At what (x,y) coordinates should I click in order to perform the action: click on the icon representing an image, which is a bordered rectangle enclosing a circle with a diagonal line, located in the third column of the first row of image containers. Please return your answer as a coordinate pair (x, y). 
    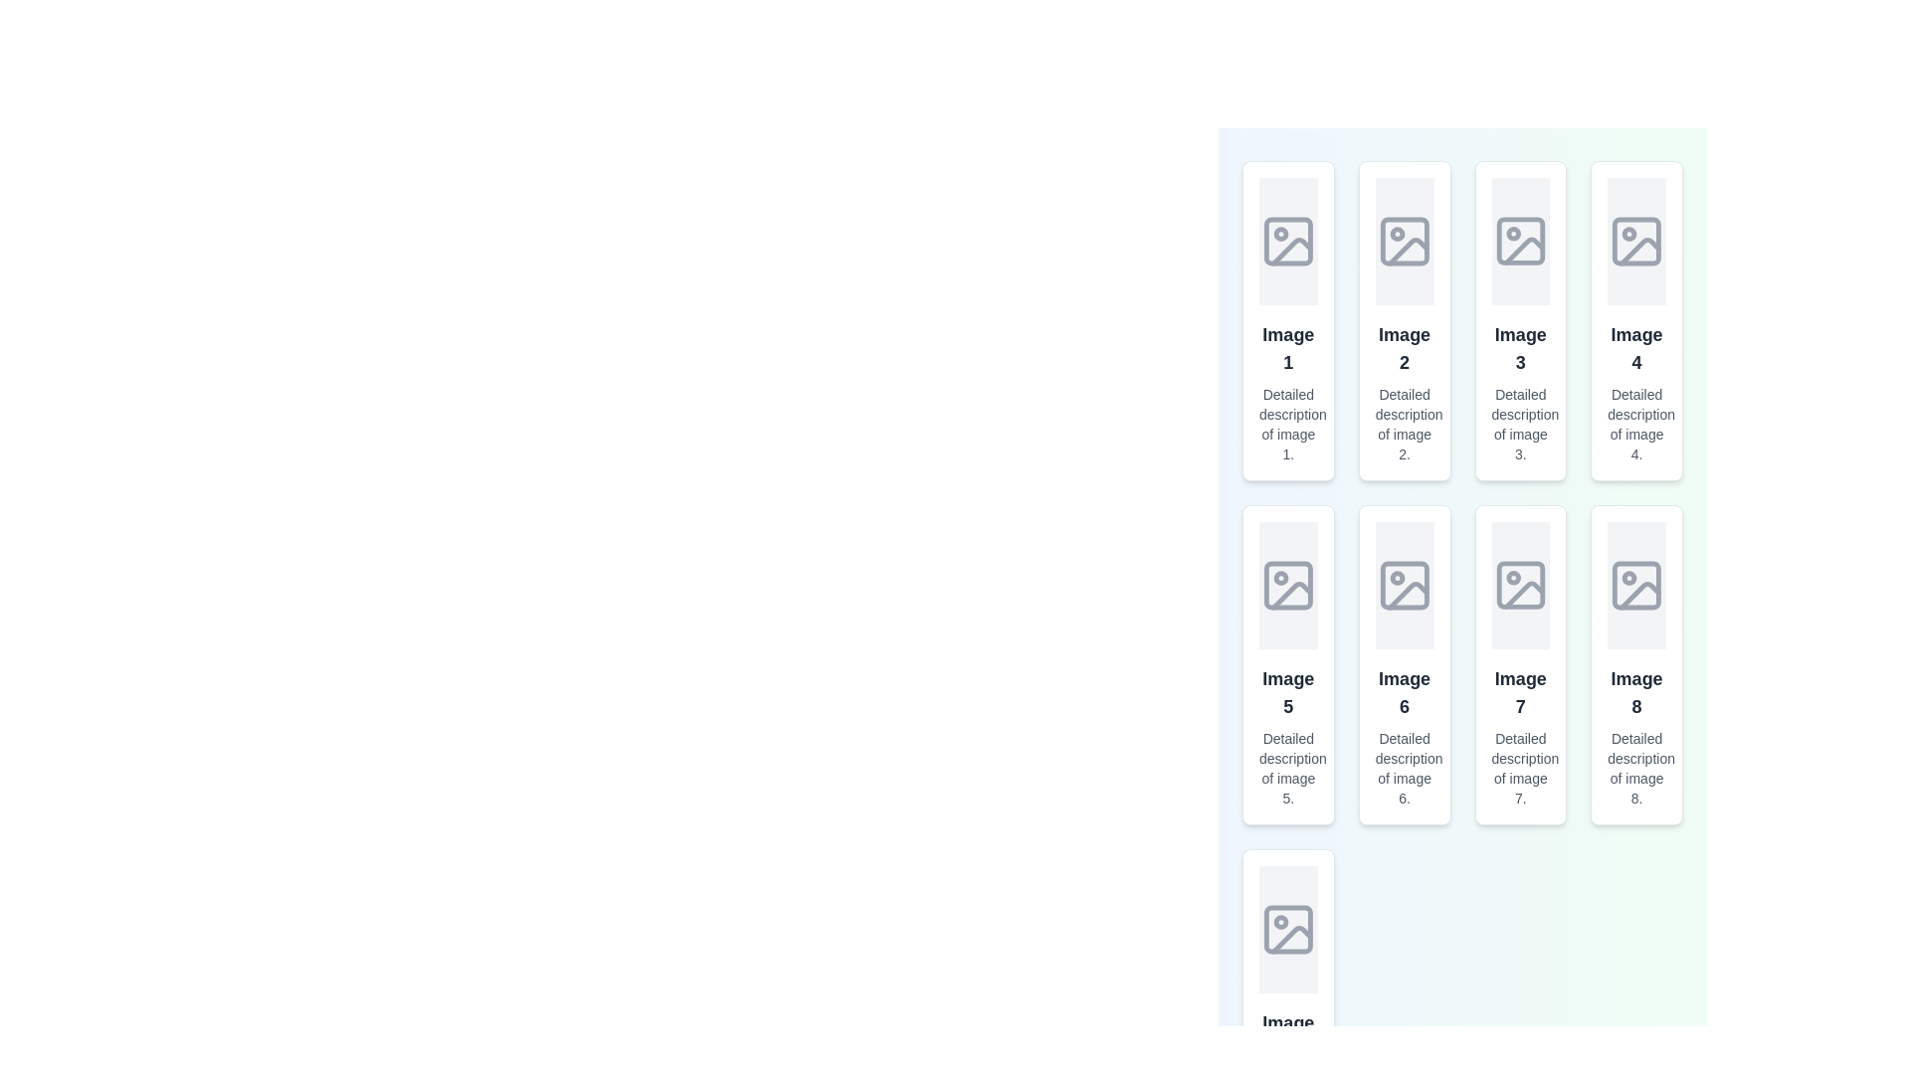
    Looking at the image, I should click on (1519, 241).